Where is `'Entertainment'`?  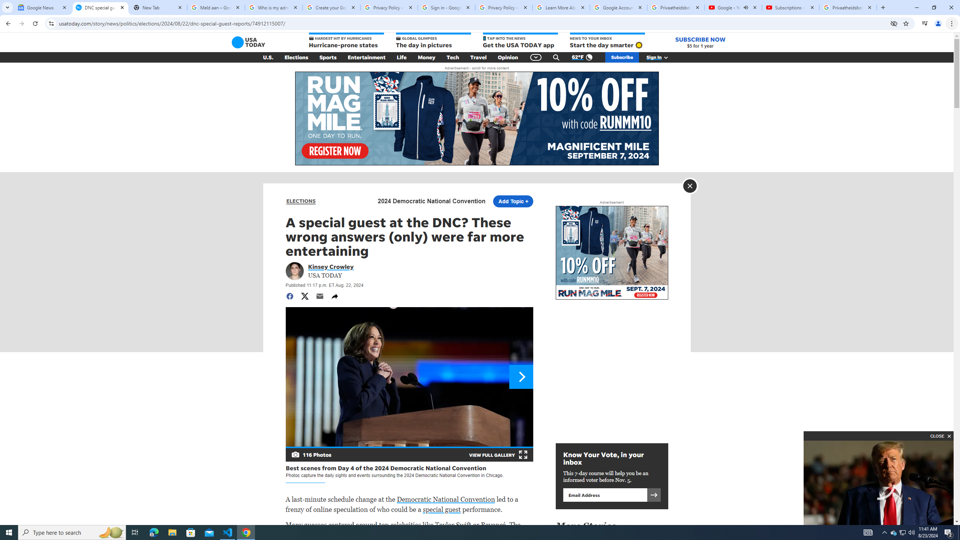 'Entertainment' is located at coordinates (366, 57).